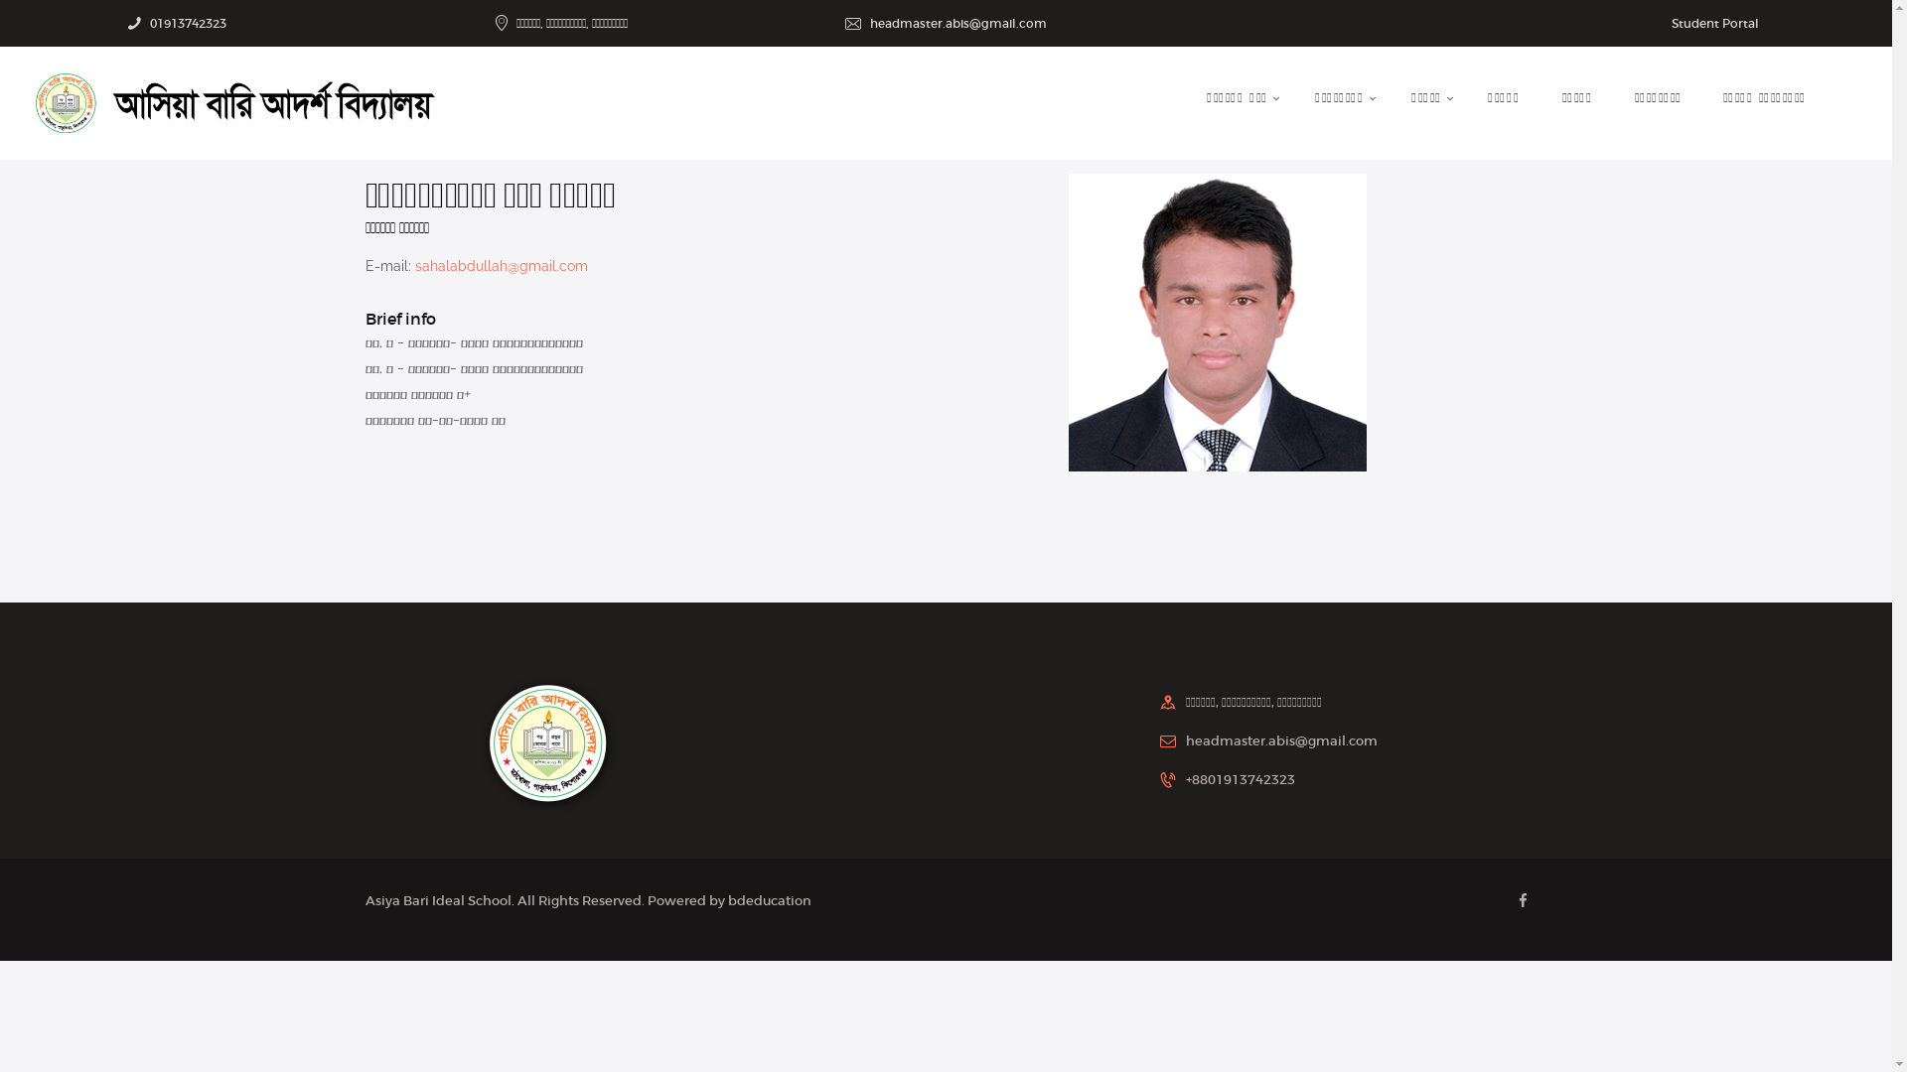  I want to click on 'headmaster.abis@gmail.com', so click(957, 23).